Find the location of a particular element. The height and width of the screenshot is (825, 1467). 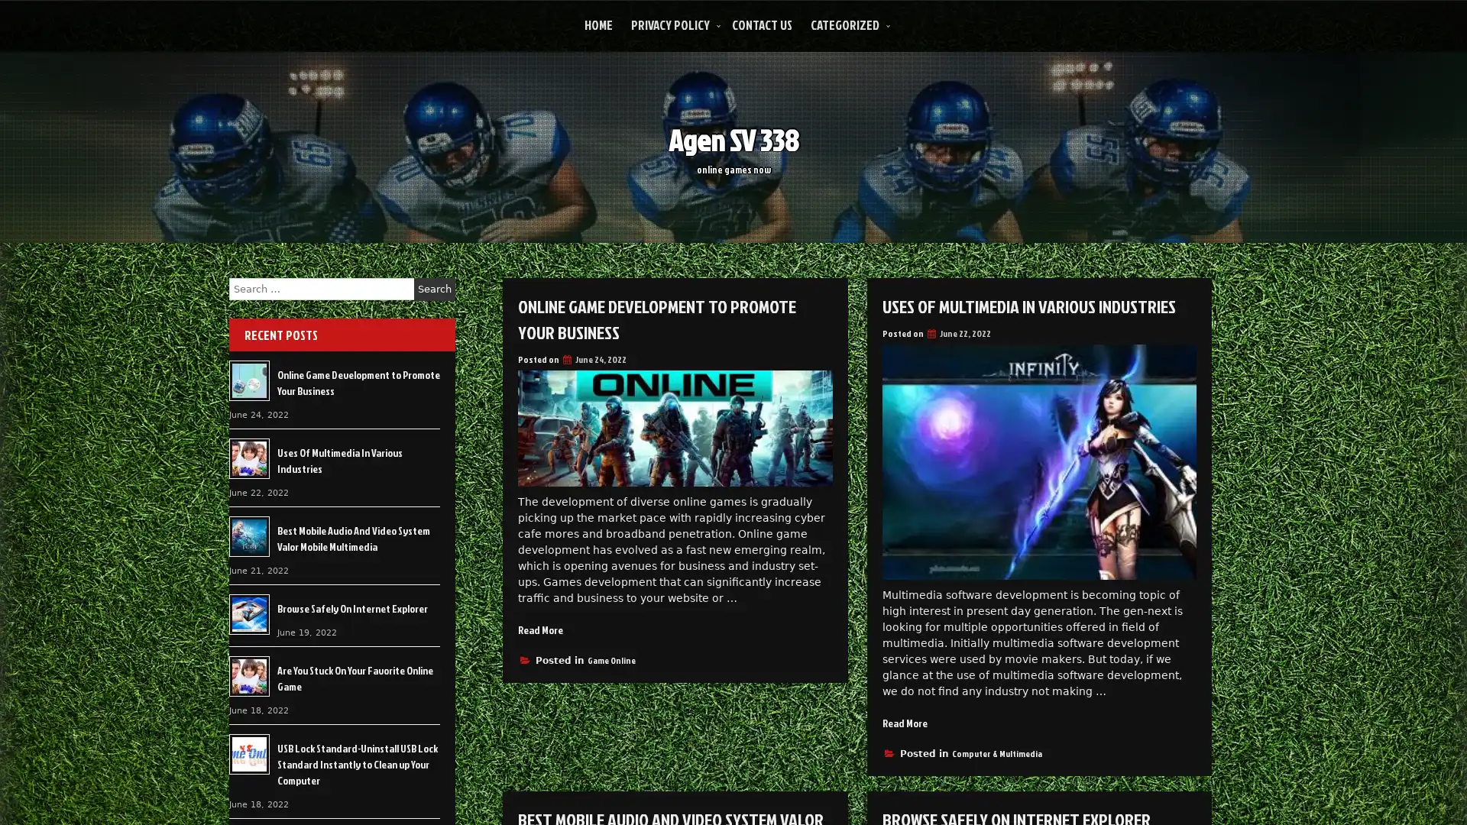

Search is located at coordinates (434, 289).